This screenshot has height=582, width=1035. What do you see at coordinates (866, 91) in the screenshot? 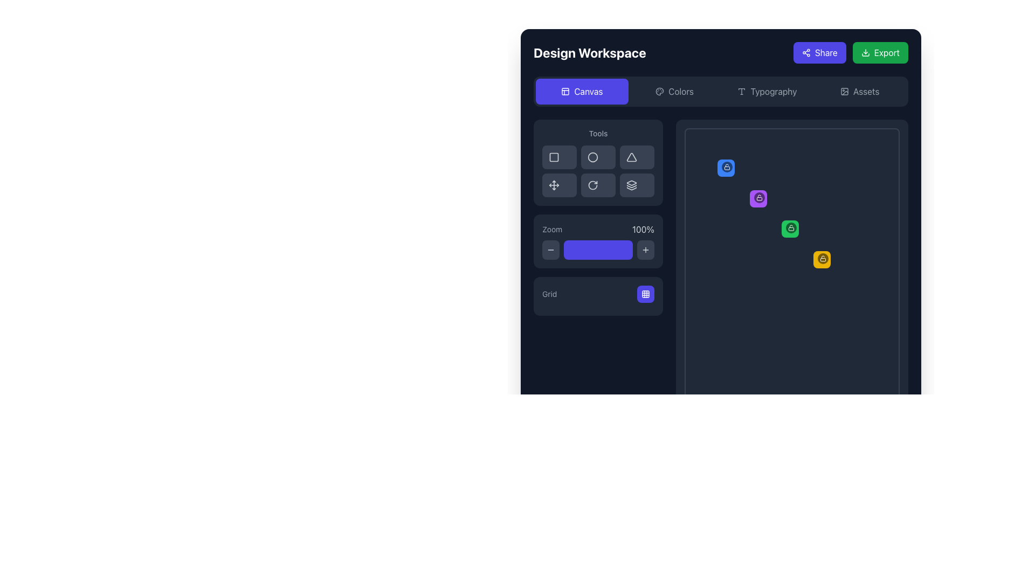
I see `label text located in the header section of the interface, on the right side, adjacent to 'Share' and 'Export' buttons` at bounding box center [866, 91].